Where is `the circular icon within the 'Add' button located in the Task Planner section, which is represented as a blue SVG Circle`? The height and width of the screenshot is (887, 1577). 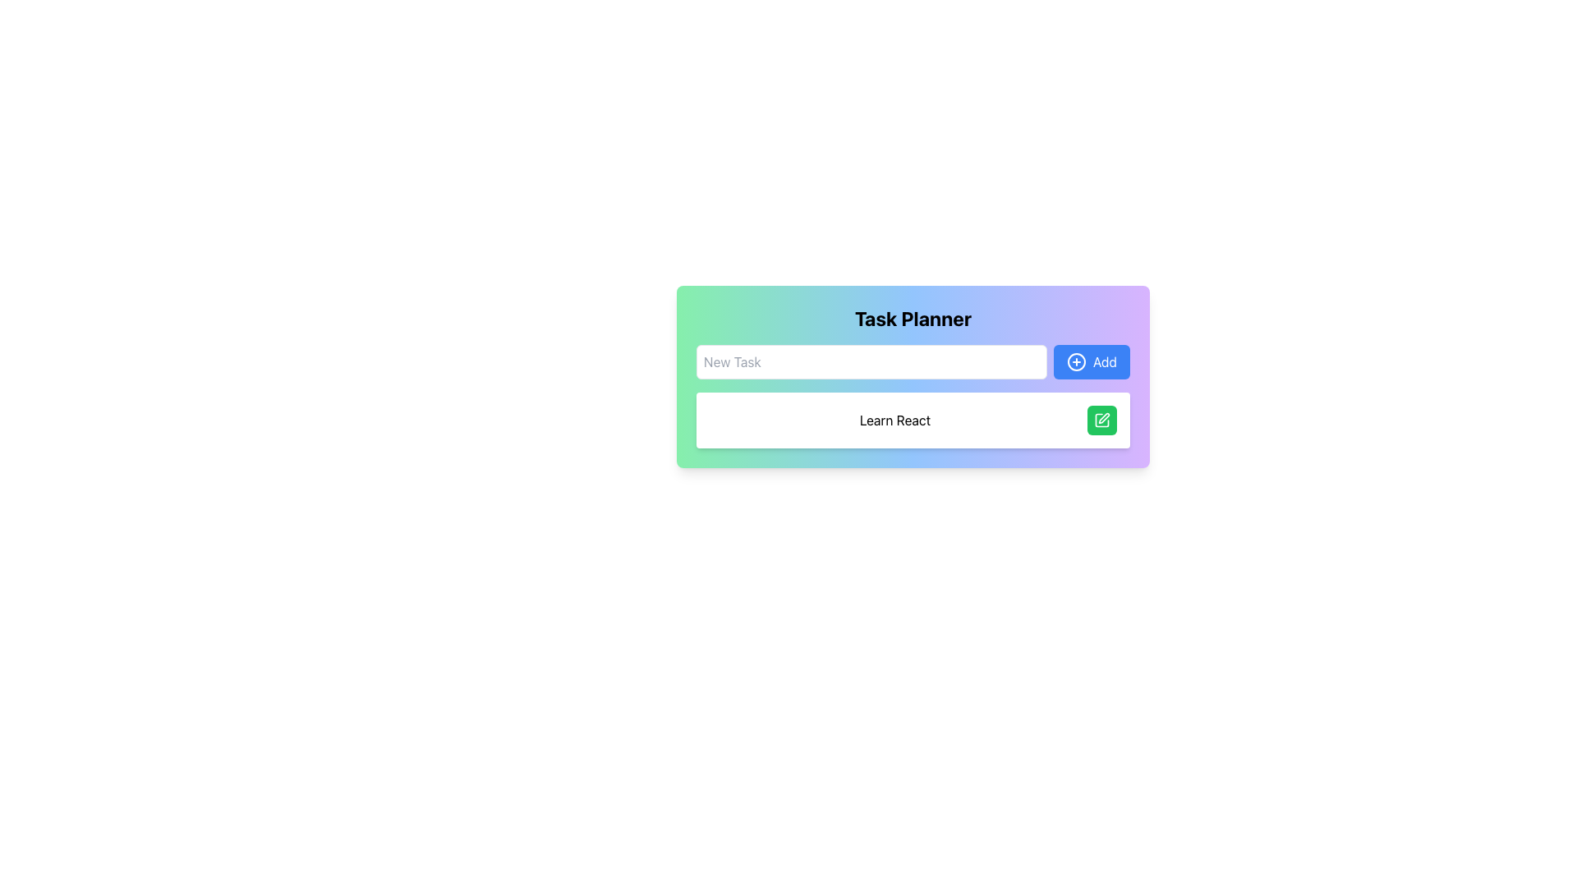 the circular icon within the 'Add' button located in the Task Planner section, which is represented as a blue SVG Circle is located at coordinates (1076, 361).